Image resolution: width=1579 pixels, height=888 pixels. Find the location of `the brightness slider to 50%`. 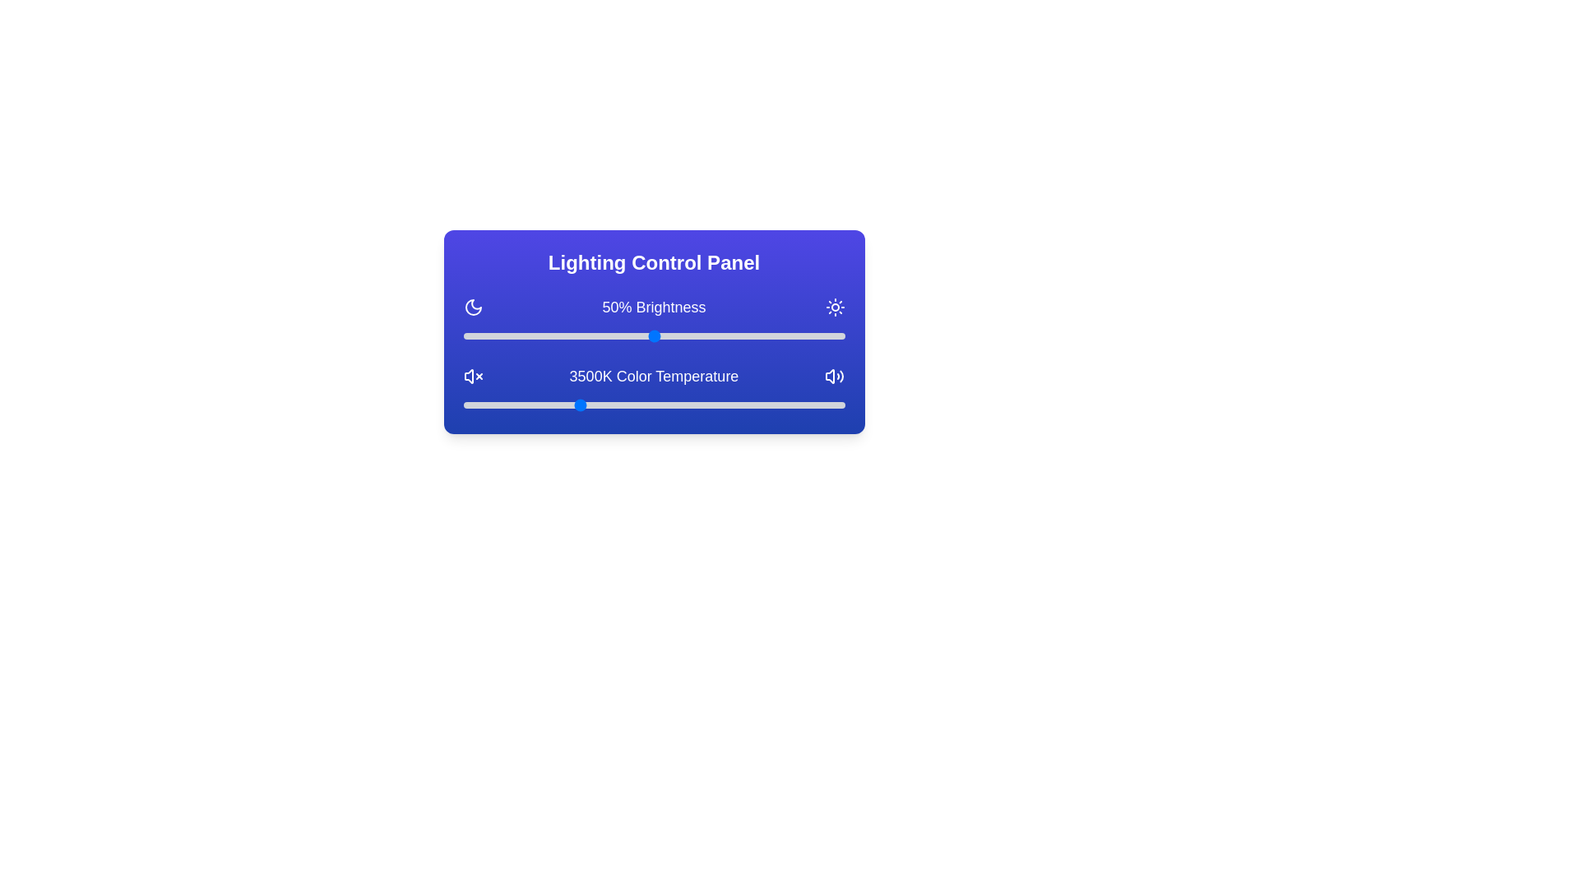

the brightness slider to 50% is located at coordinates (653, 335).